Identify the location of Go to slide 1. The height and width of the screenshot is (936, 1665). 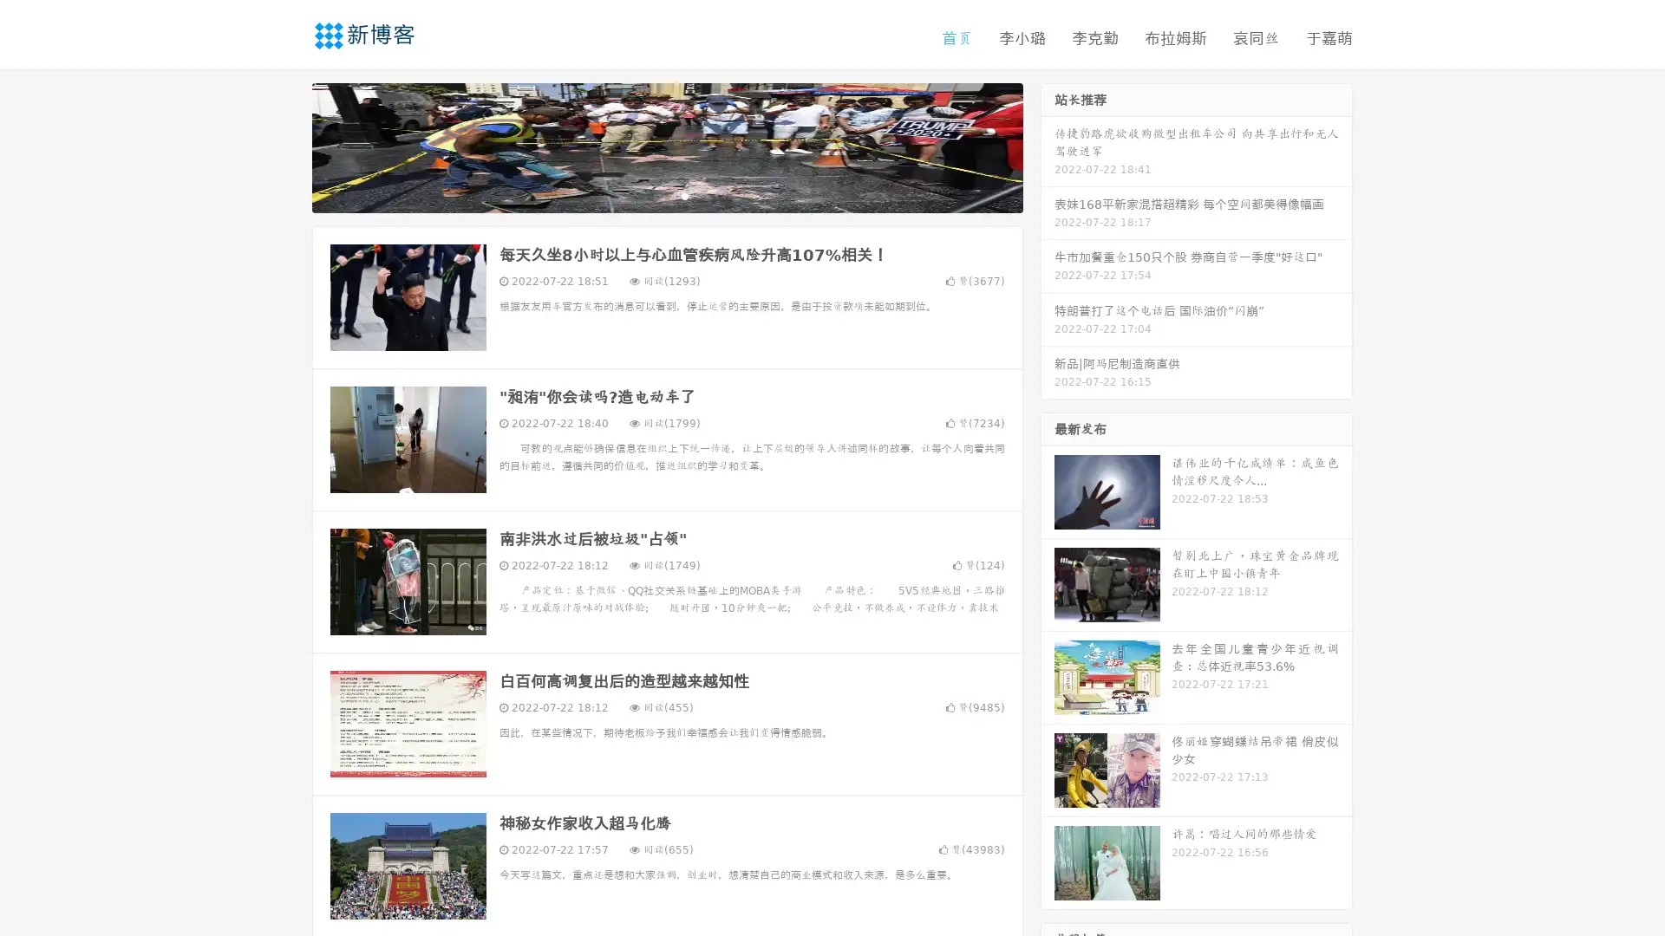
(649, 195).